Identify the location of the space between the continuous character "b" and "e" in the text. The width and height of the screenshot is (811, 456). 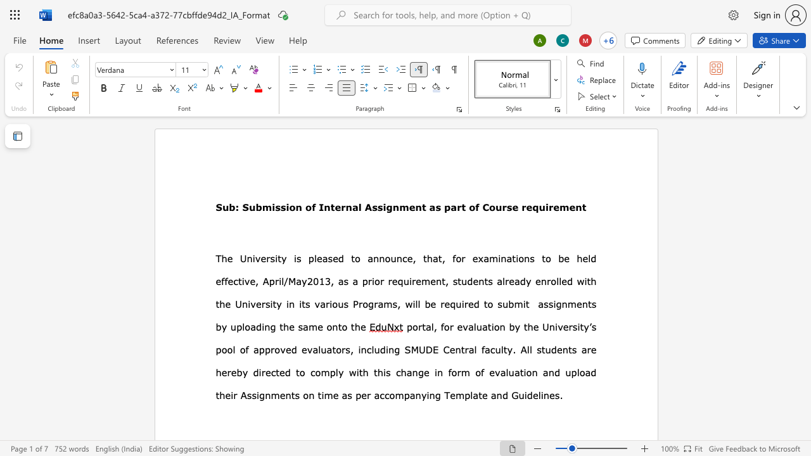
(430, 304).